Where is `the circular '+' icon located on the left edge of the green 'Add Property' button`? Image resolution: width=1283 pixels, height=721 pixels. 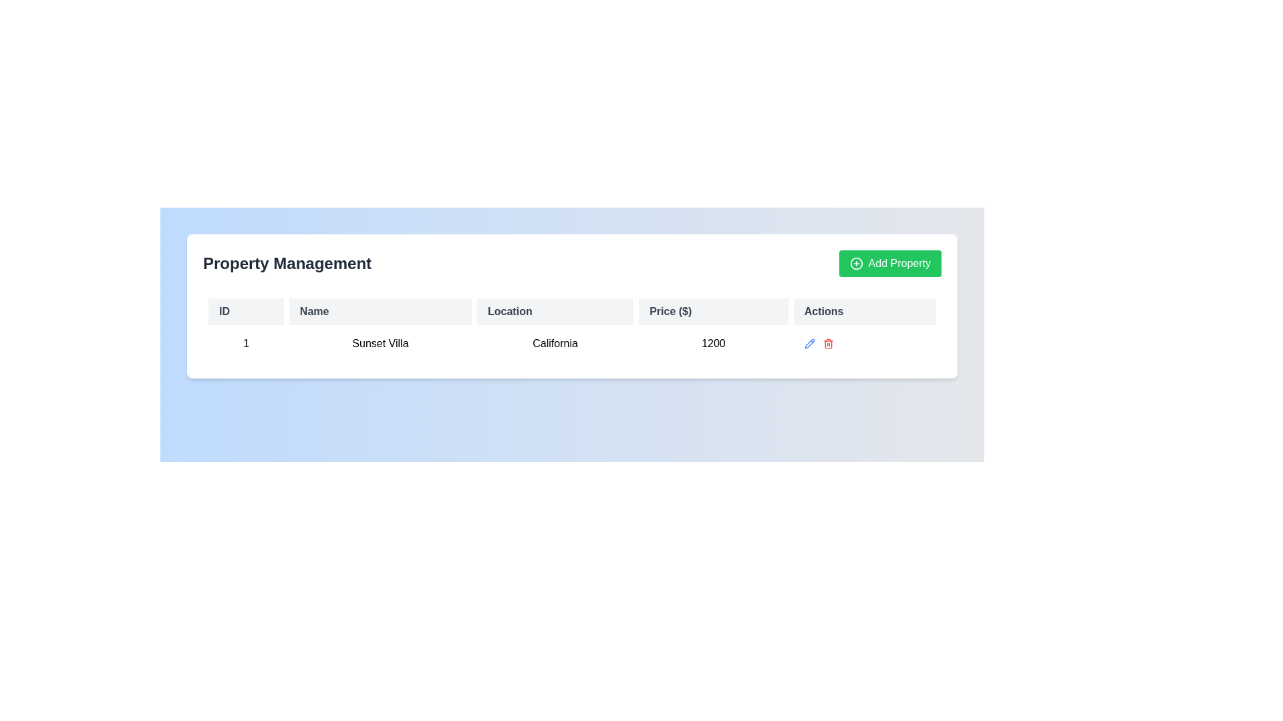 the circular '+' icon located on the left edge of the green 'Add Property' button is located at coordinates (856, 263).